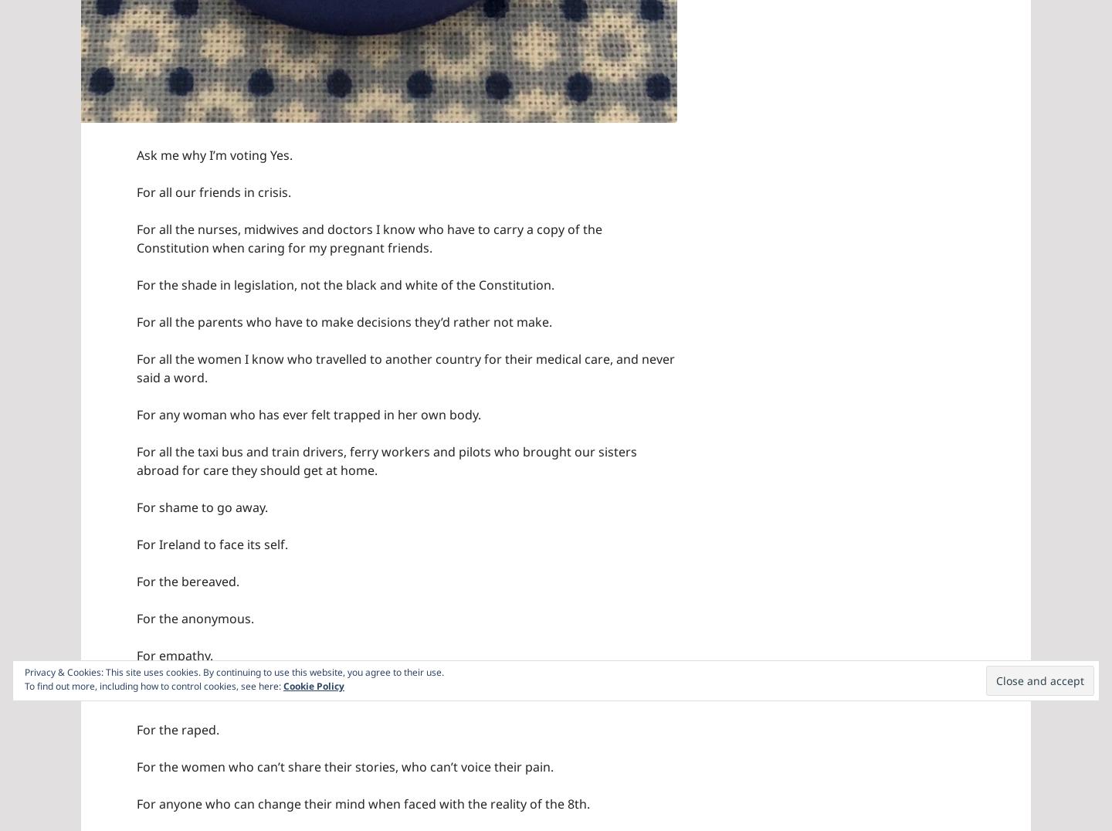  I want to click on 'For anyone who can change their mind when faced with the reality of the 8th.', so click(363, 802).